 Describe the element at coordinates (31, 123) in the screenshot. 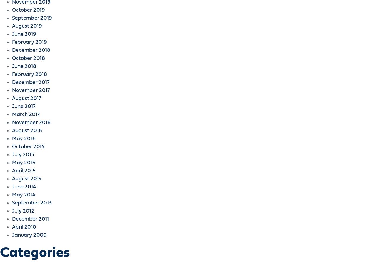

I see `'November 2016'` at that location.